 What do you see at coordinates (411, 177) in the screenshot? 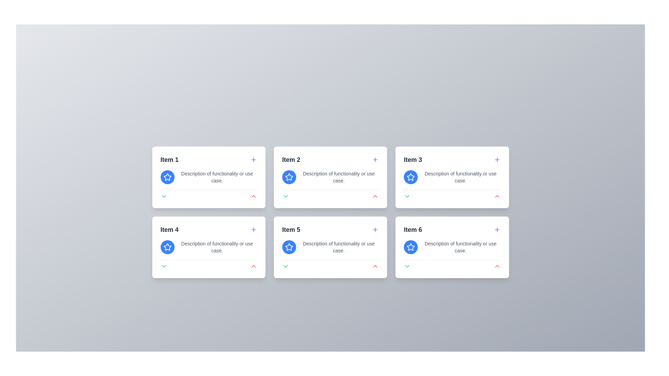
I see `the star-shaped icon with a blue outline and white fill, located in the top row, third card from the left, to the left of the text labeled 'Item 3'` at bounding box center [411, 177].